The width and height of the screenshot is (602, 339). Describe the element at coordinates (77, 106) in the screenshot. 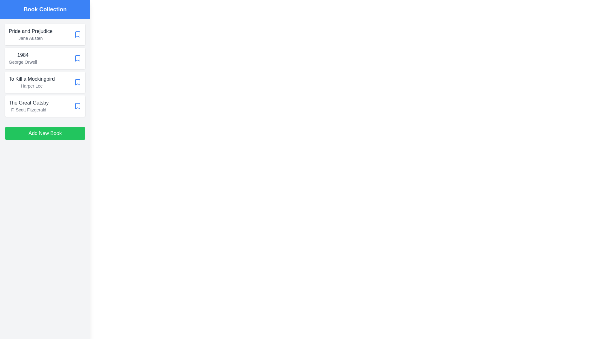

I see `bookmark icon of the book titled 'The Great Gatsby' to mark it as a favorite` at that location.